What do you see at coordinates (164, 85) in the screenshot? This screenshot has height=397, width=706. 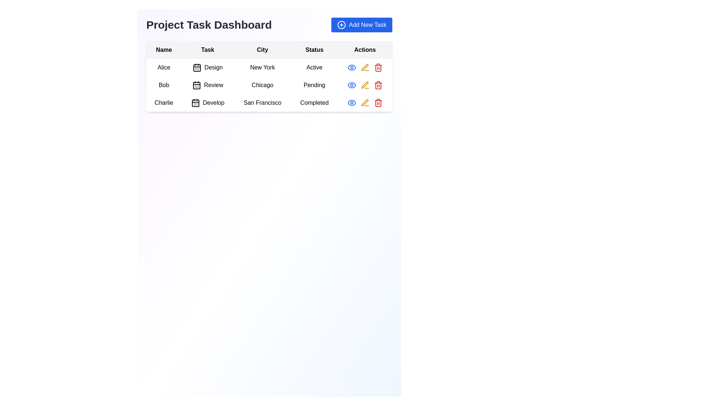 I see `the label identifying the person associated with a task in the second row and first column of the table, under the 'Name' header` at bounding box center [164, 85].